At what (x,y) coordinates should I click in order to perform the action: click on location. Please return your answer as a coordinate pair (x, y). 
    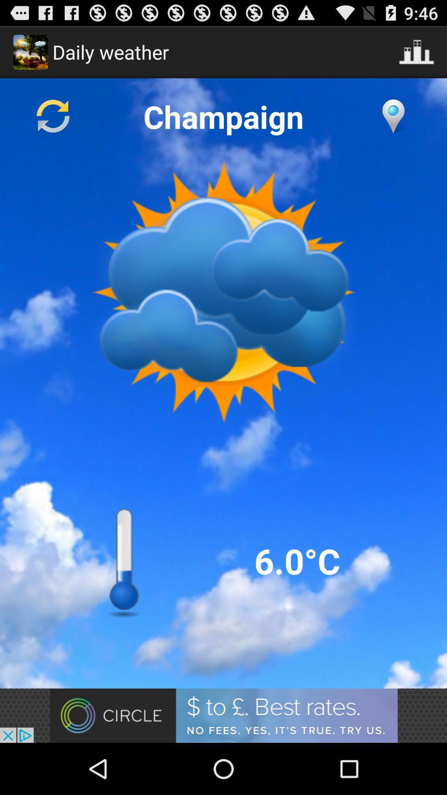
    Looking at the image, I should click on (393, 116).